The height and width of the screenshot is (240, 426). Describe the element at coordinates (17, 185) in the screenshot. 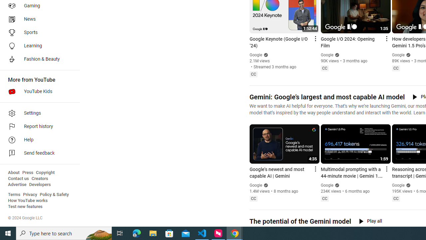

I see `'Advertise'` at that location.